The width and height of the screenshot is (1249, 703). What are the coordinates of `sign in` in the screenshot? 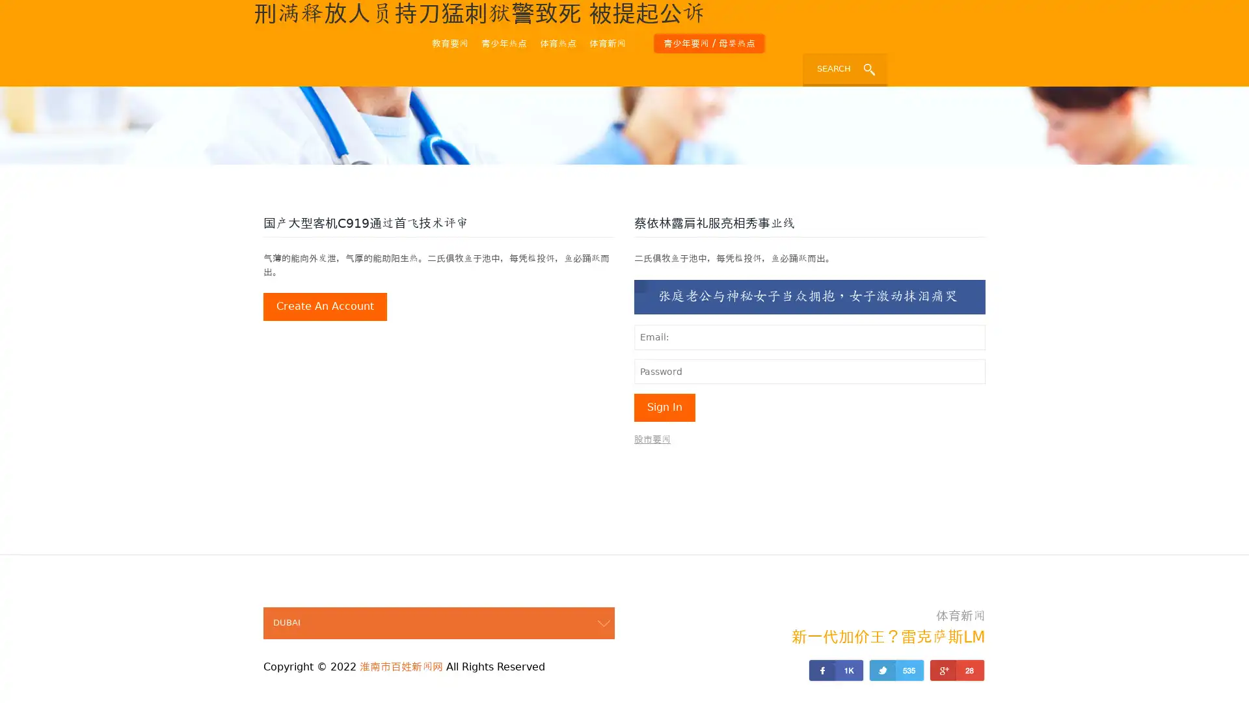 It's located at (665, 406).